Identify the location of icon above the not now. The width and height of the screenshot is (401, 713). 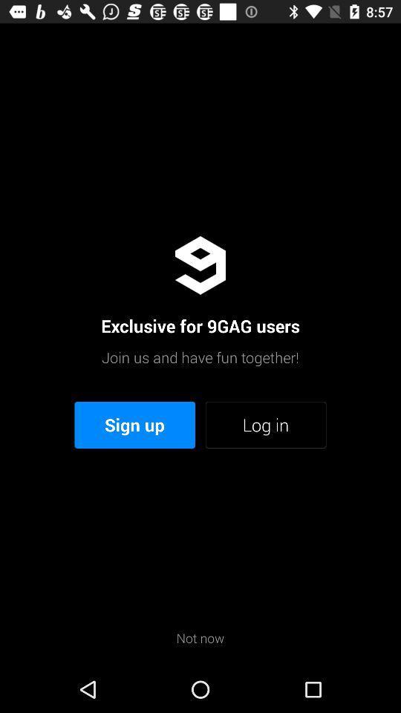
(134, 425).